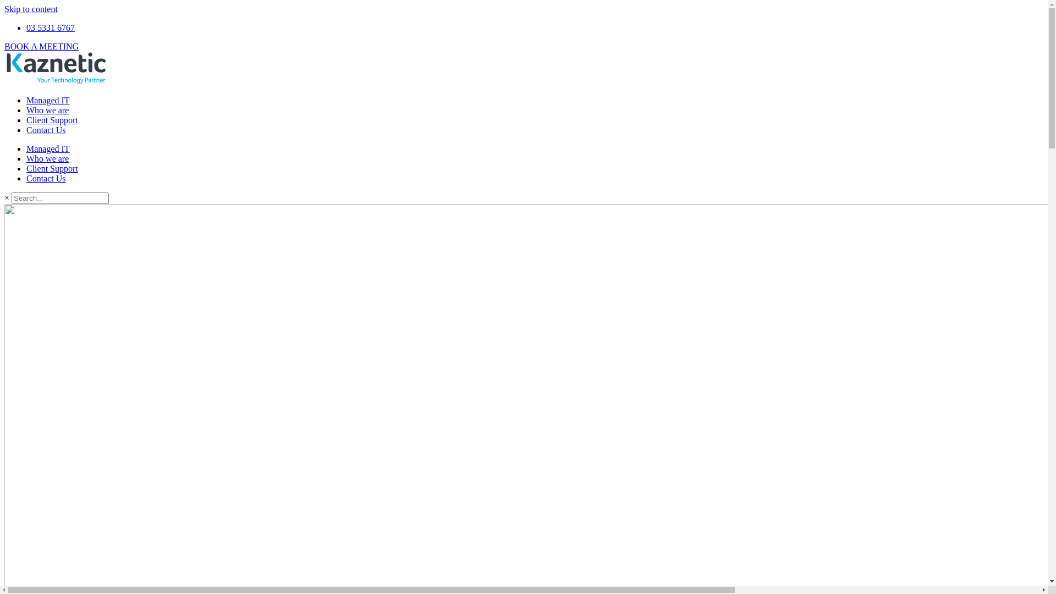  I want to click on 'Who we are', so click(47, 110).